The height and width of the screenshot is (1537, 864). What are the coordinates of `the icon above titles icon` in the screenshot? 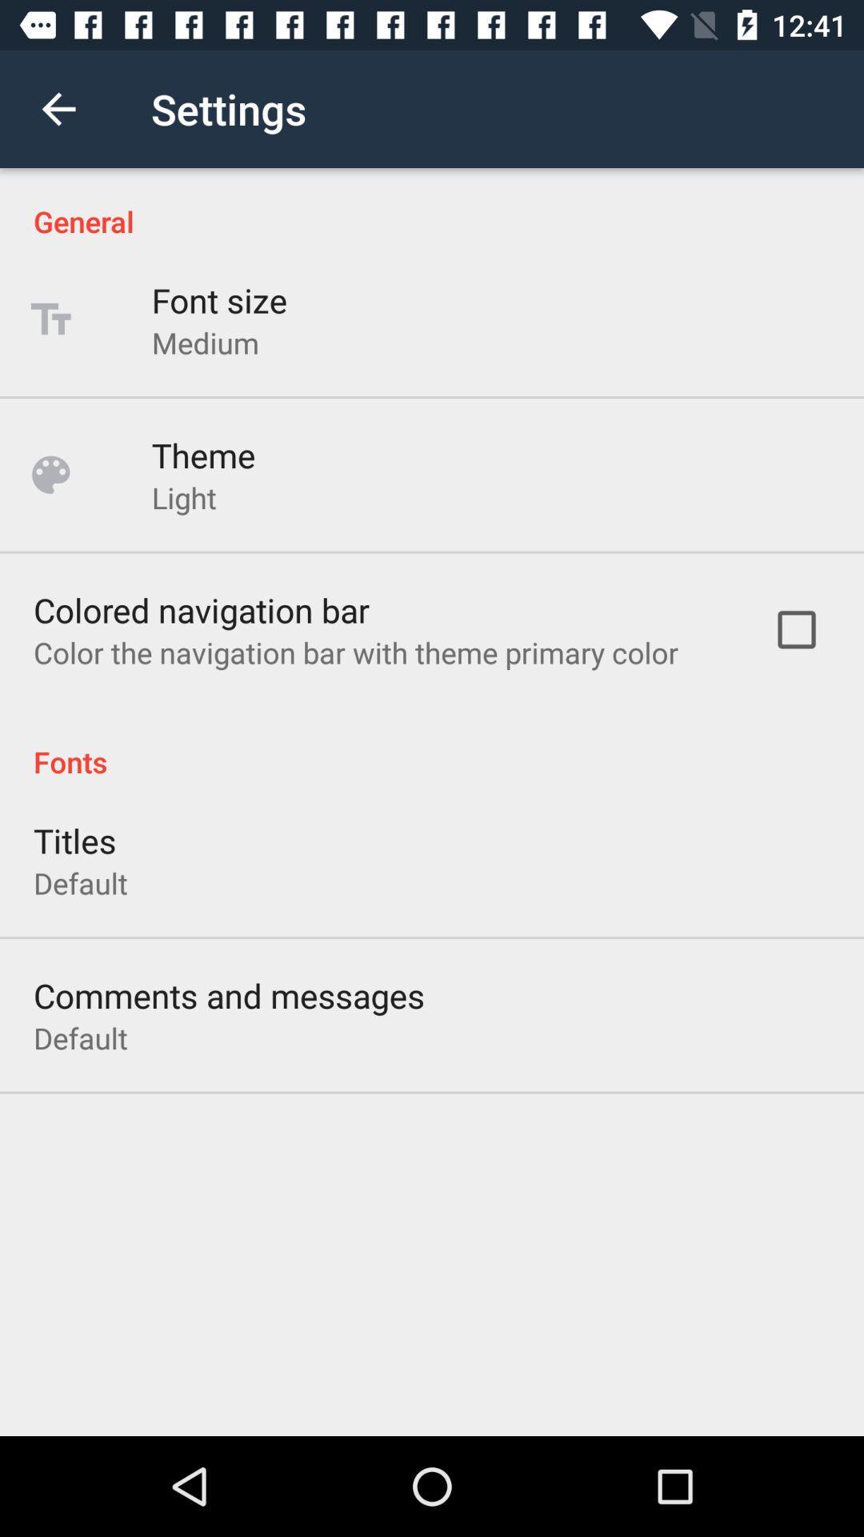 It's located at (432, 744).